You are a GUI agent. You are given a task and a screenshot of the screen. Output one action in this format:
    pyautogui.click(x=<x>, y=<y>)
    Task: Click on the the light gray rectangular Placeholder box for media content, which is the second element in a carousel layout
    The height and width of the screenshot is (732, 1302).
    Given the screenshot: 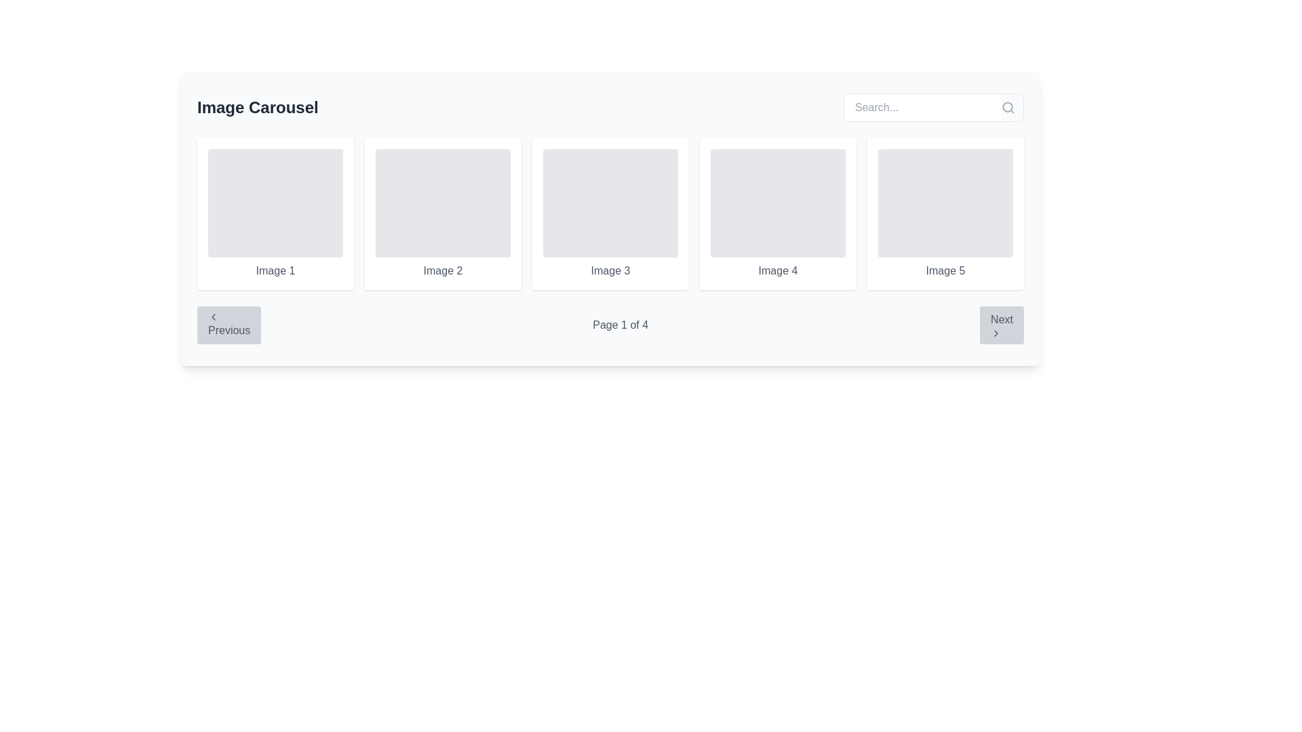 What is the action you would take?
    pyautogui.click(x=443, y=203)
    